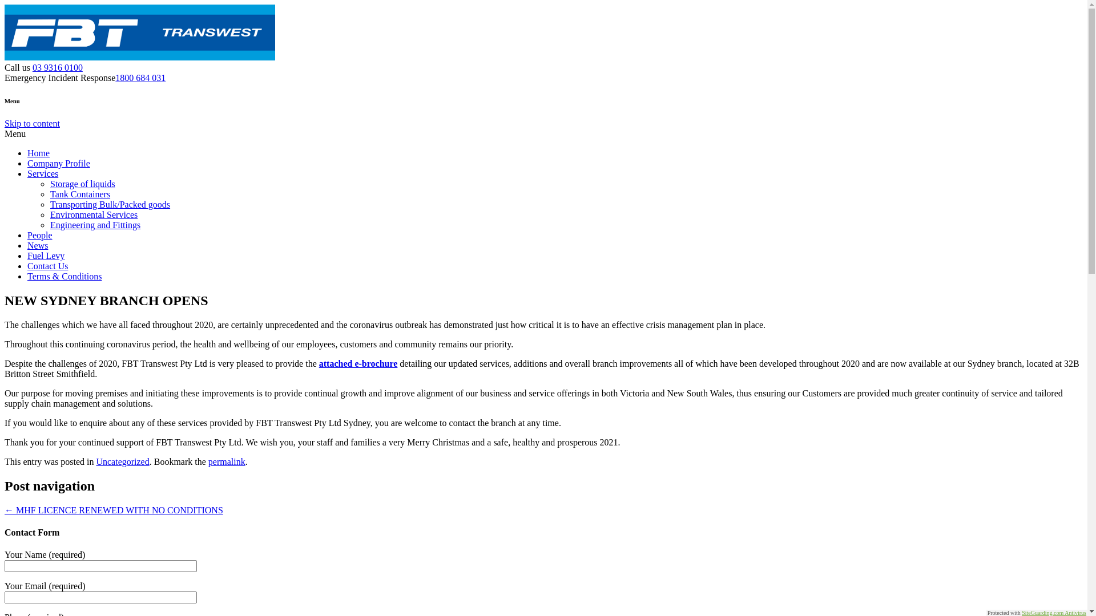 Image resolution: width=1096 pixels, height=616 pixels. I want to click on 'Company Profile', so click(58, 163).